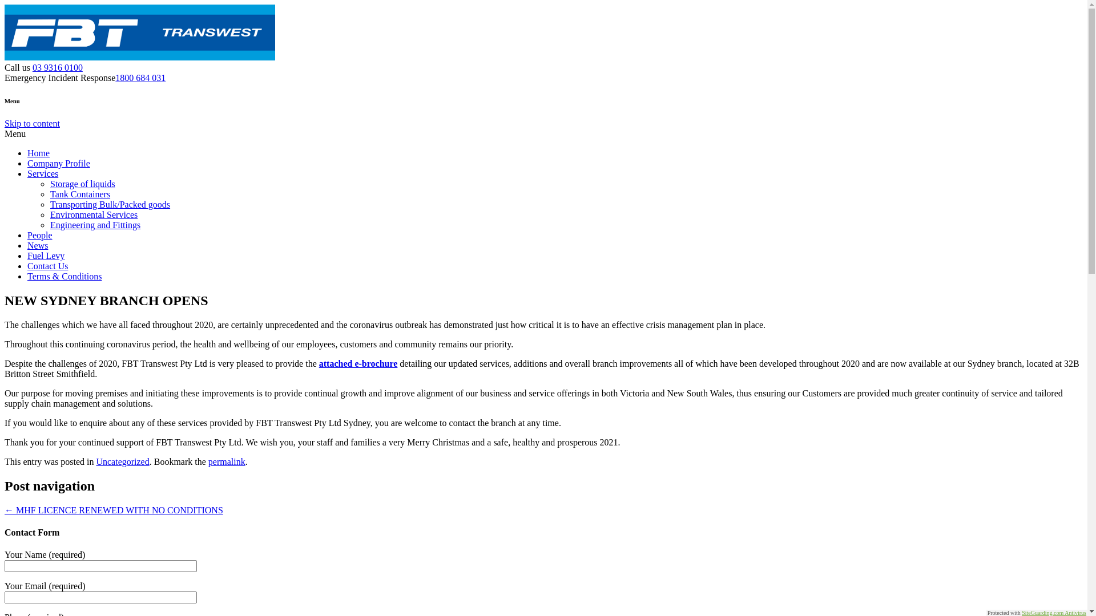 Image resolution: width=1096 pixels, height=616 pixels. I want to click on 'Company Profile', so click(58, 163).